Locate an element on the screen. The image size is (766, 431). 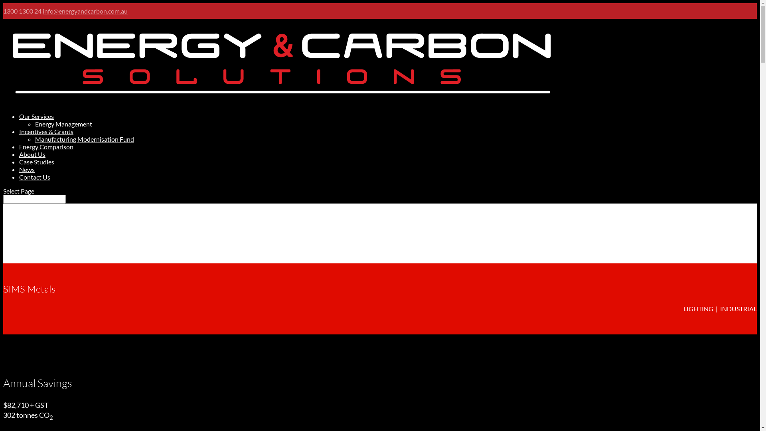
'News' is located at coordinates (27, 169).